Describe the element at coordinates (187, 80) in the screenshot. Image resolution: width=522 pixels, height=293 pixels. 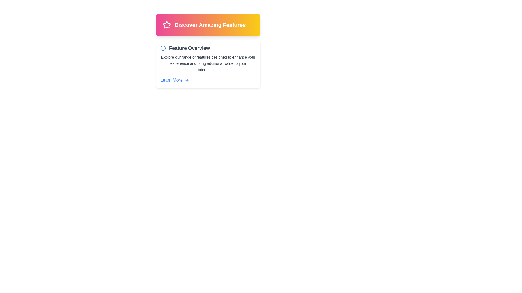
I see `the blue right-facing arrow icon located next to the 'Learn More' text` at that location.